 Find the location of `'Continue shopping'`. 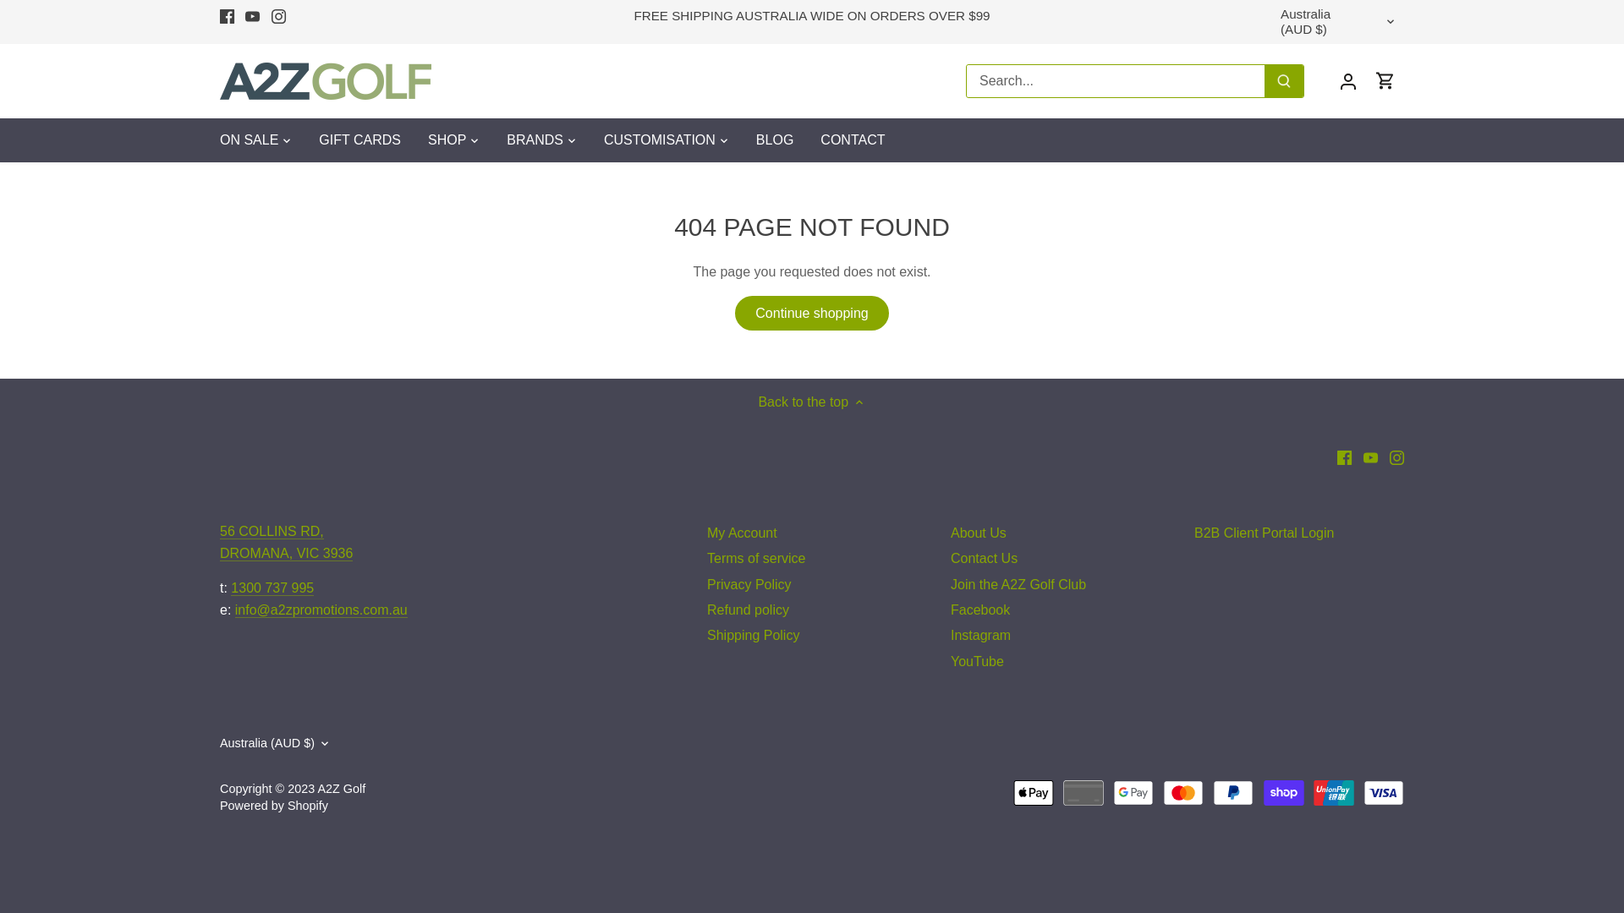

'Continue shopping' is located at coordinates (812, 313).